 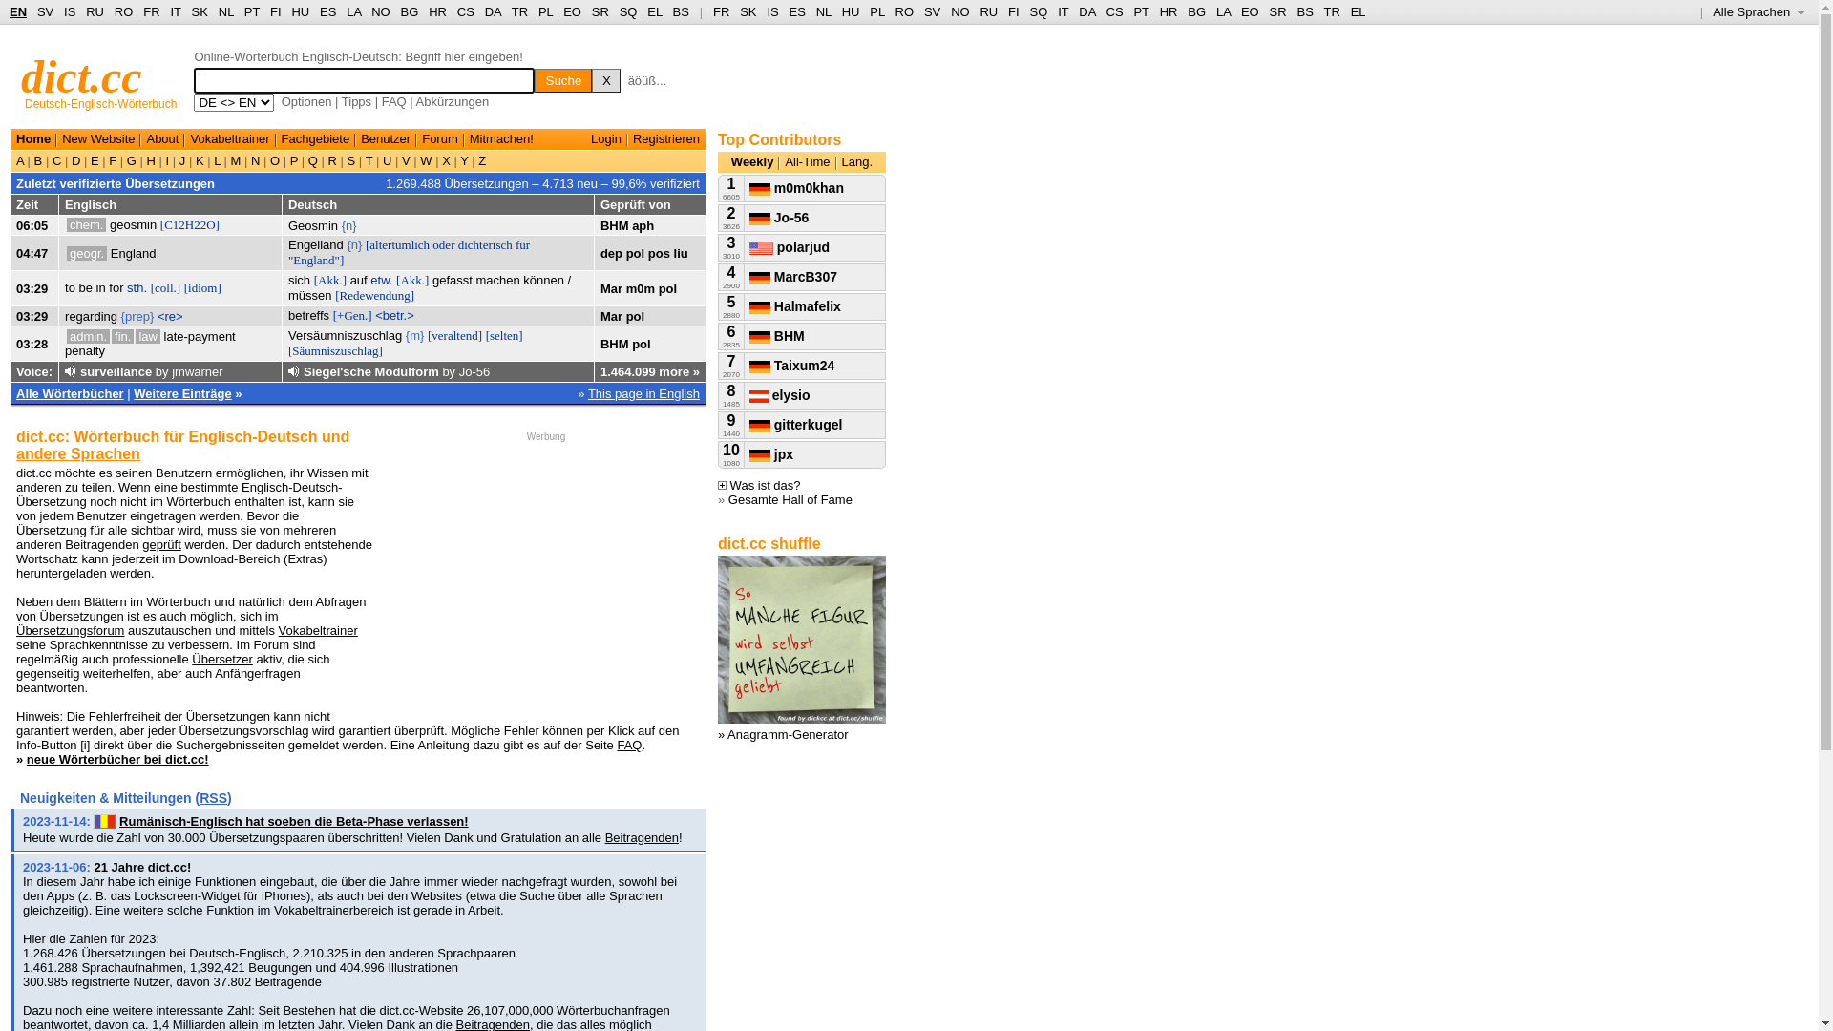 I want to click on 'Vokabeltrainer', so click(x=318, y=630).